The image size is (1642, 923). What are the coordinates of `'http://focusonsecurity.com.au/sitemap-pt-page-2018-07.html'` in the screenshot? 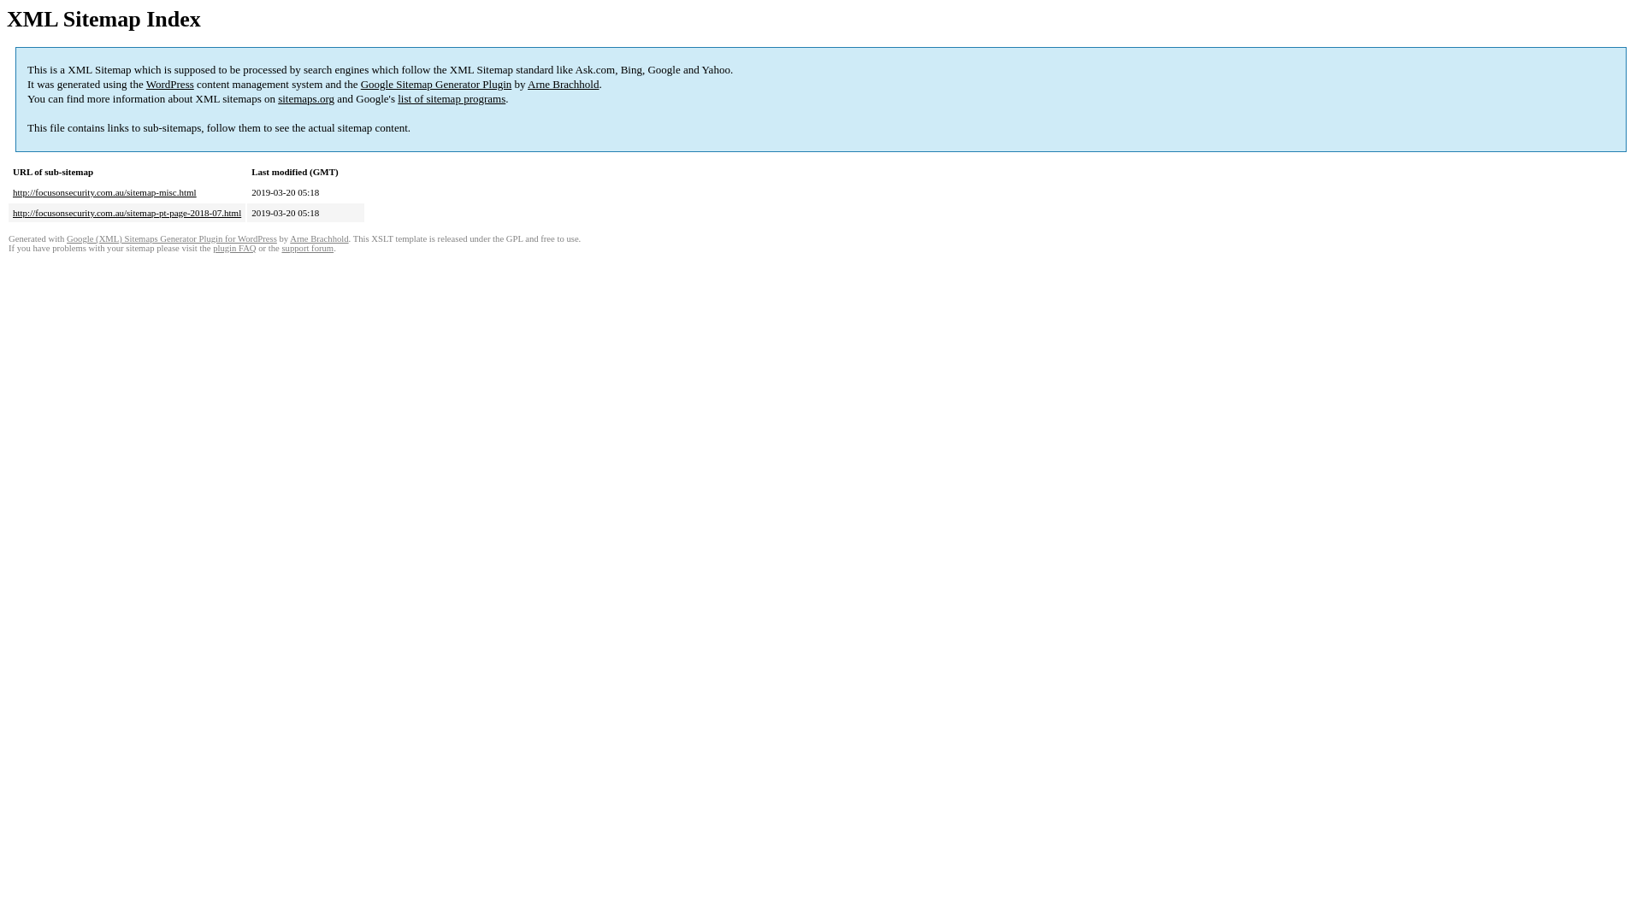 It's located at (126, 212).